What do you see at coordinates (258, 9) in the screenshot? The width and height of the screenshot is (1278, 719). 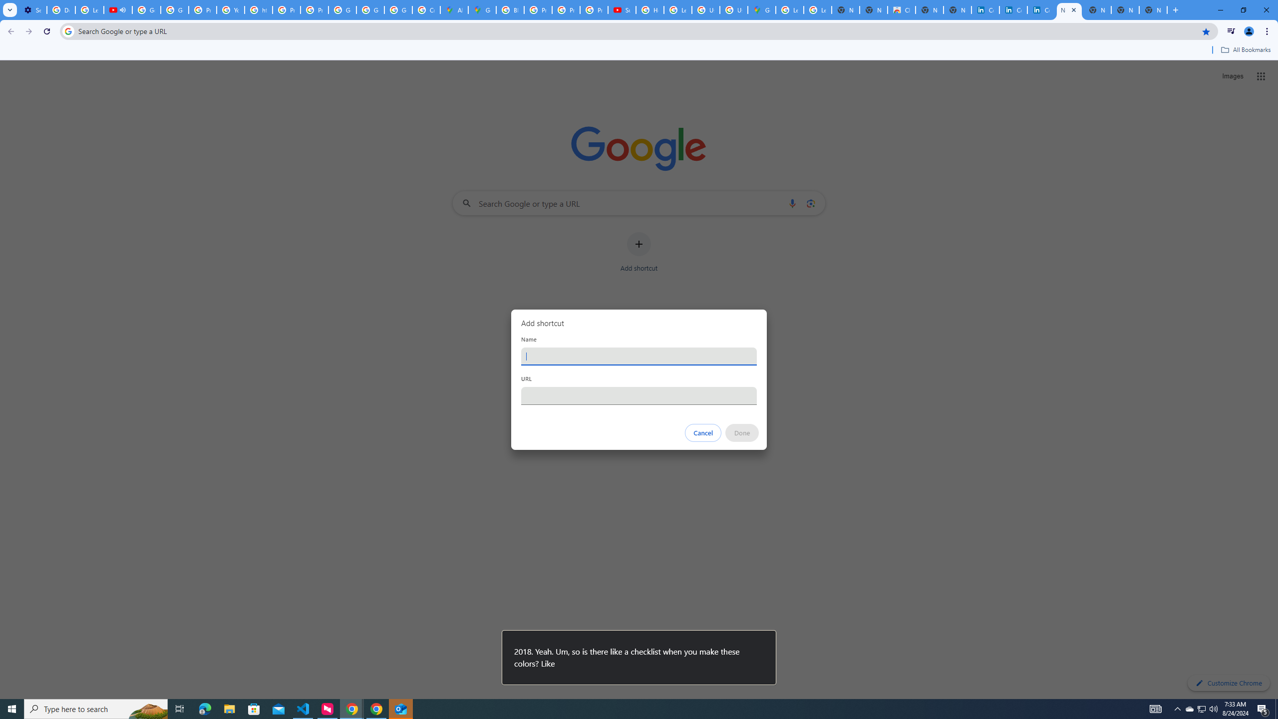 I see `'https://scholar.google.com/'` at bounding box center [258, 9].